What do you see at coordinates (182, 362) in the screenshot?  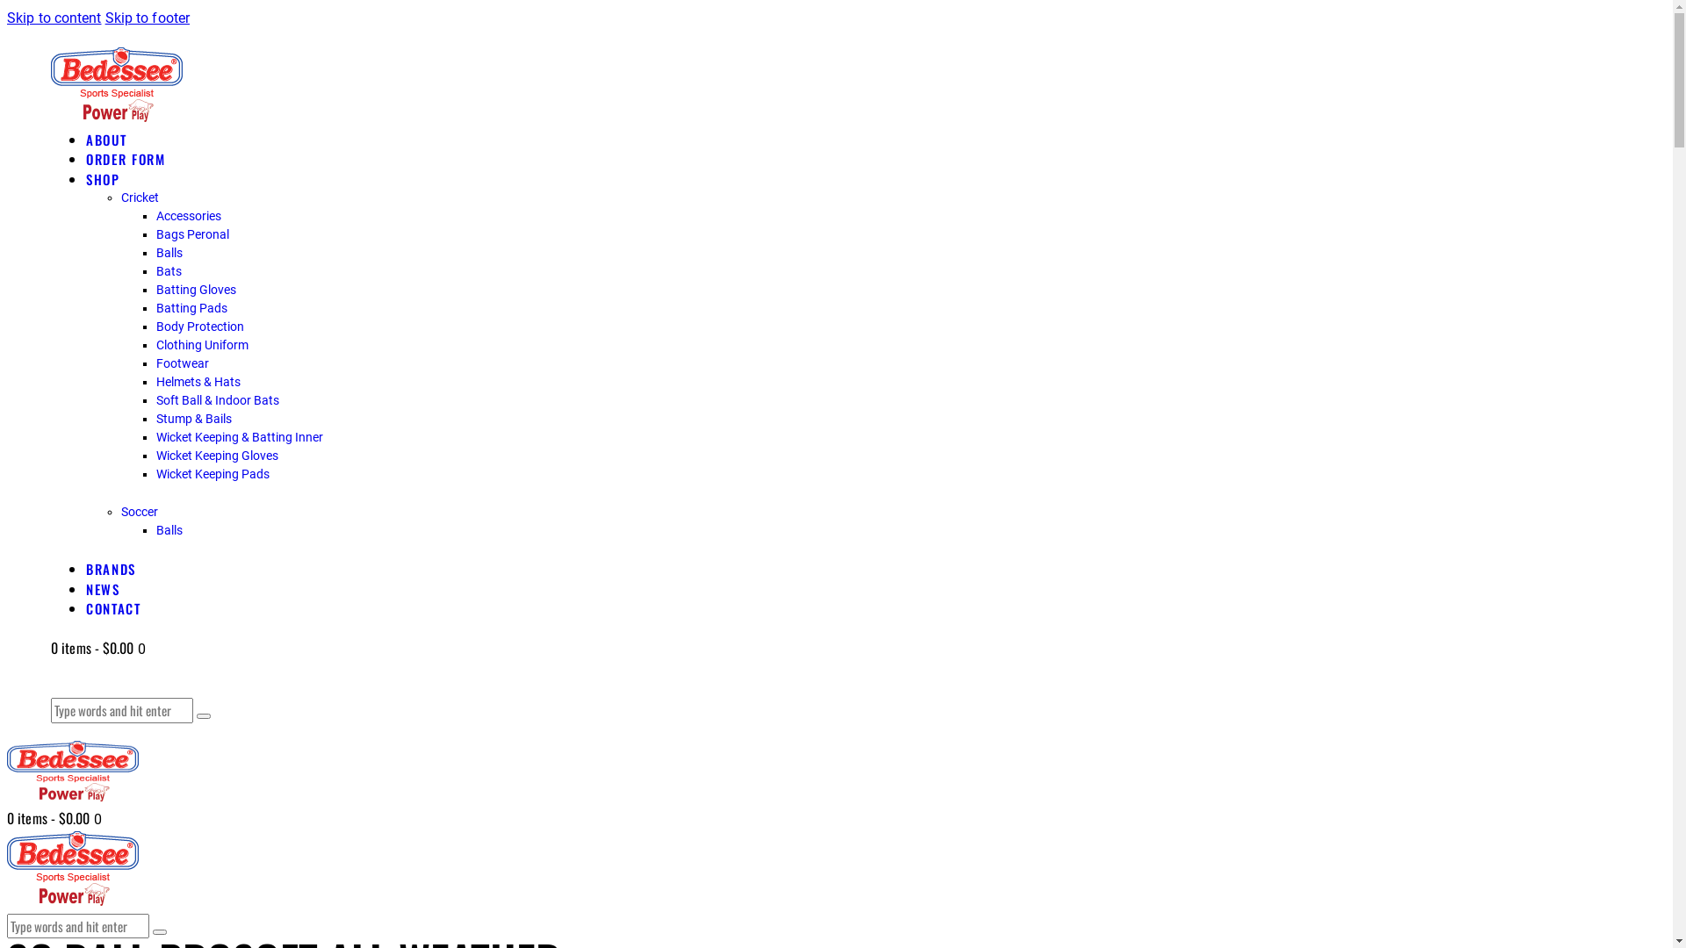 I see `'Footwear'` at bounding box center [182, 362].